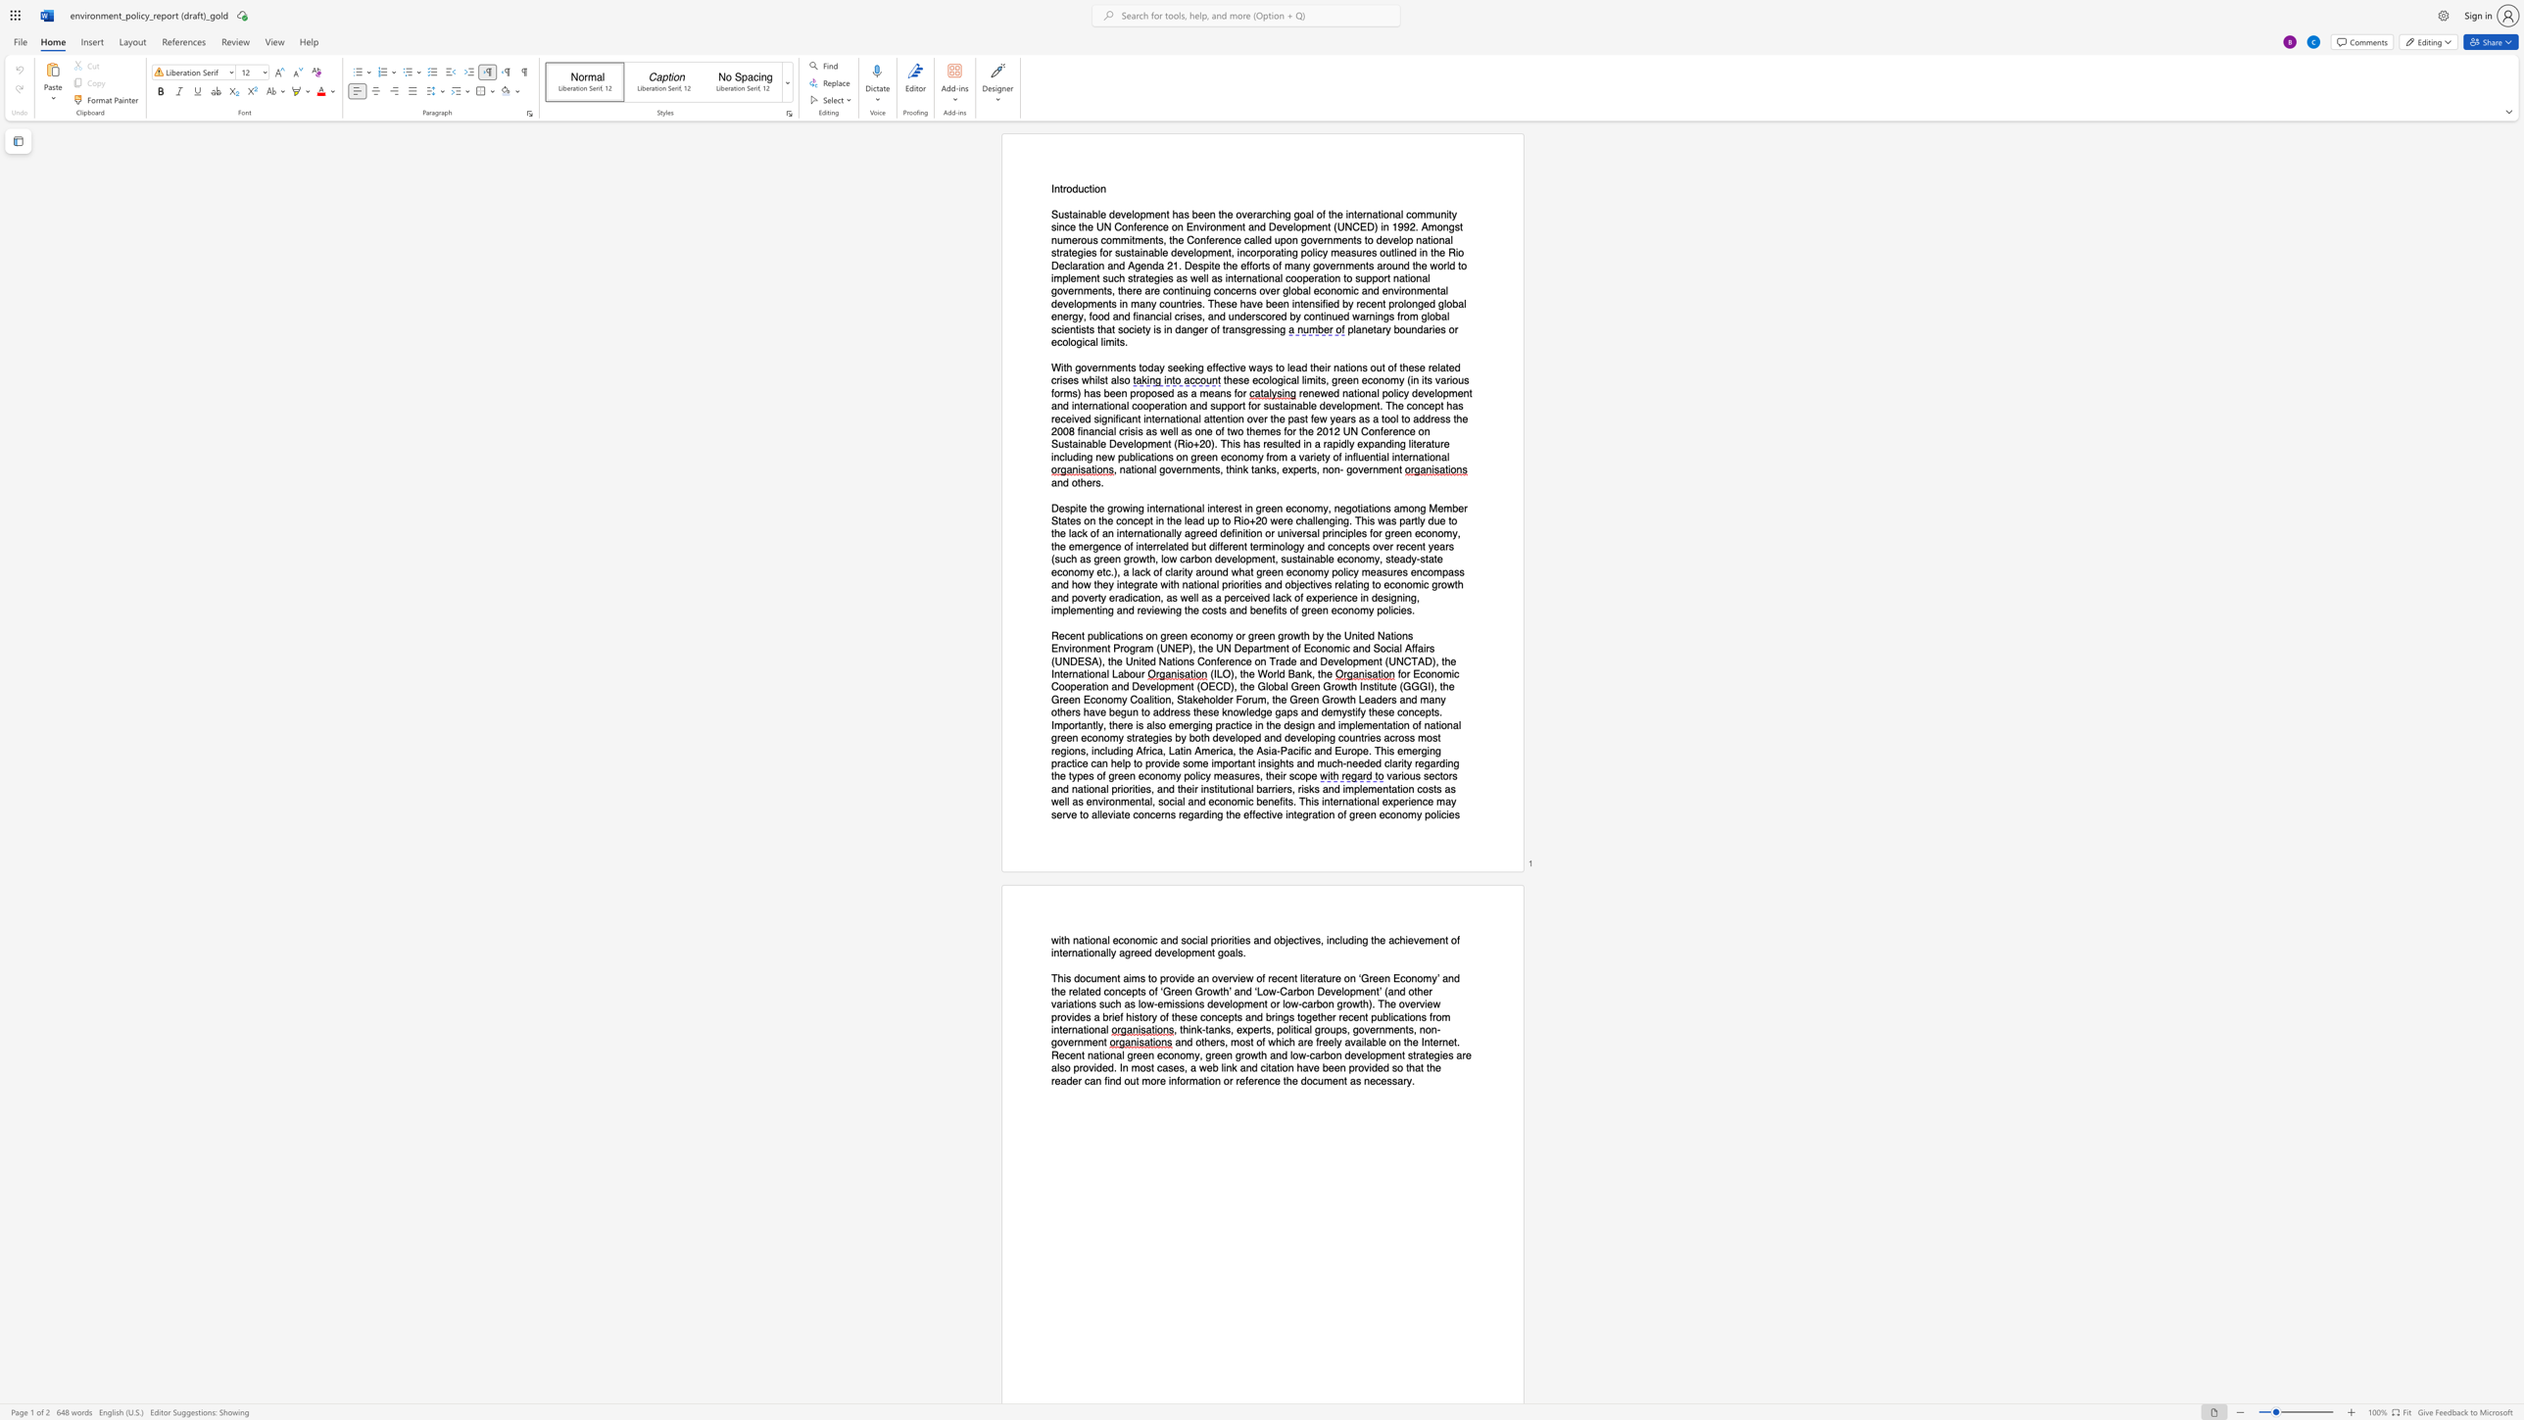 This screenshot has width=2524, height=1420. What do you see at coordinates (1375, 226) in the screenshot?
I see `the subset text ") in 1992. Amo" within the text "Sustainable development has been the overarching goal of the international community since the UN Conference on Environment and Development (UNCED) in 1992. Amongst"` at bounding box center [1375, 226].